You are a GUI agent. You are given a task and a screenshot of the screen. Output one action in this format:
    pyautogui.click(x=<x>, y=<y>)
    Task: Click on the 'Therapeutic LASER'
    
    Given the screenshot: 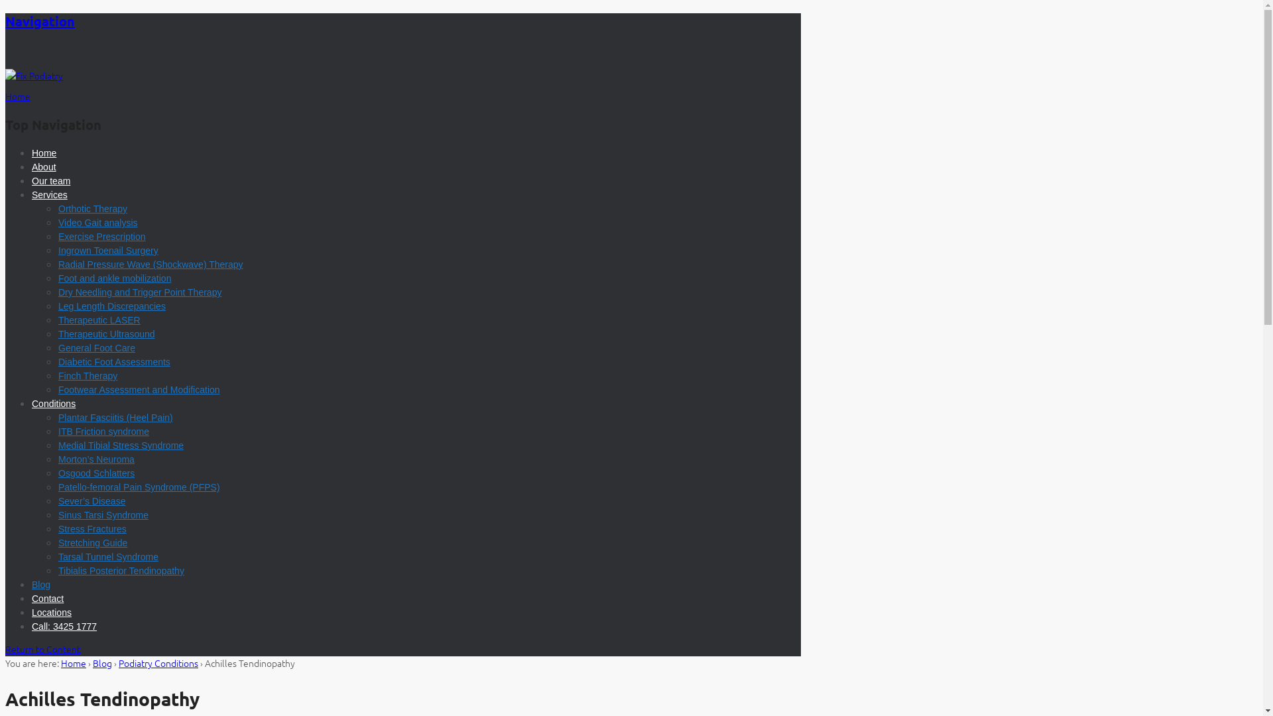 What is the action you would take?
    pyautogui.click(x=98, y=320)
    